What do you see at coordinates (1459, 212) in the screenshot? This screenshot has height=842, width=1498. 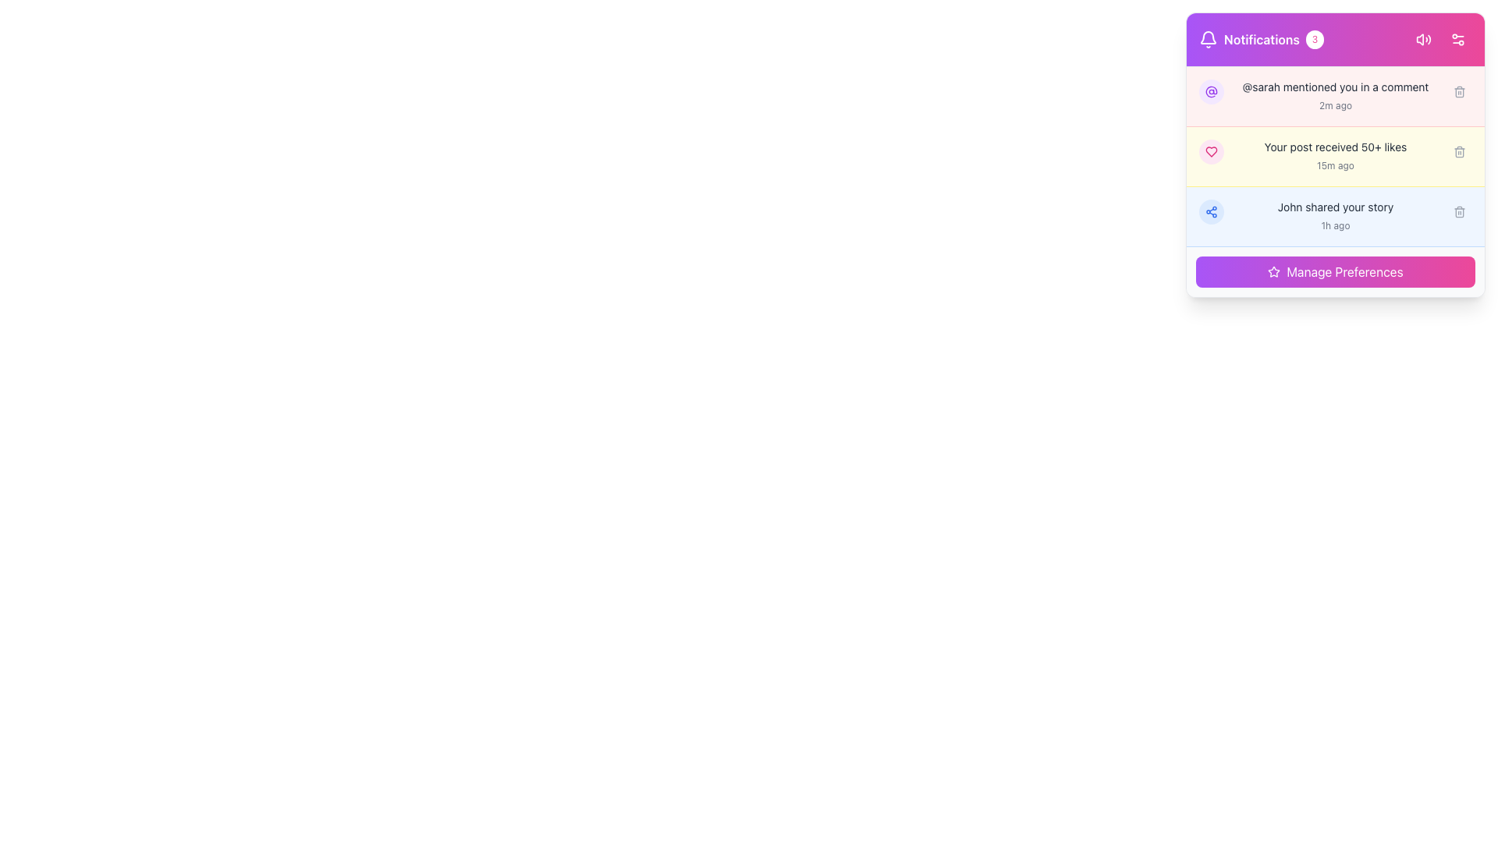 I see `the small gray trashcan icon` at bounding box center [1459, 212].